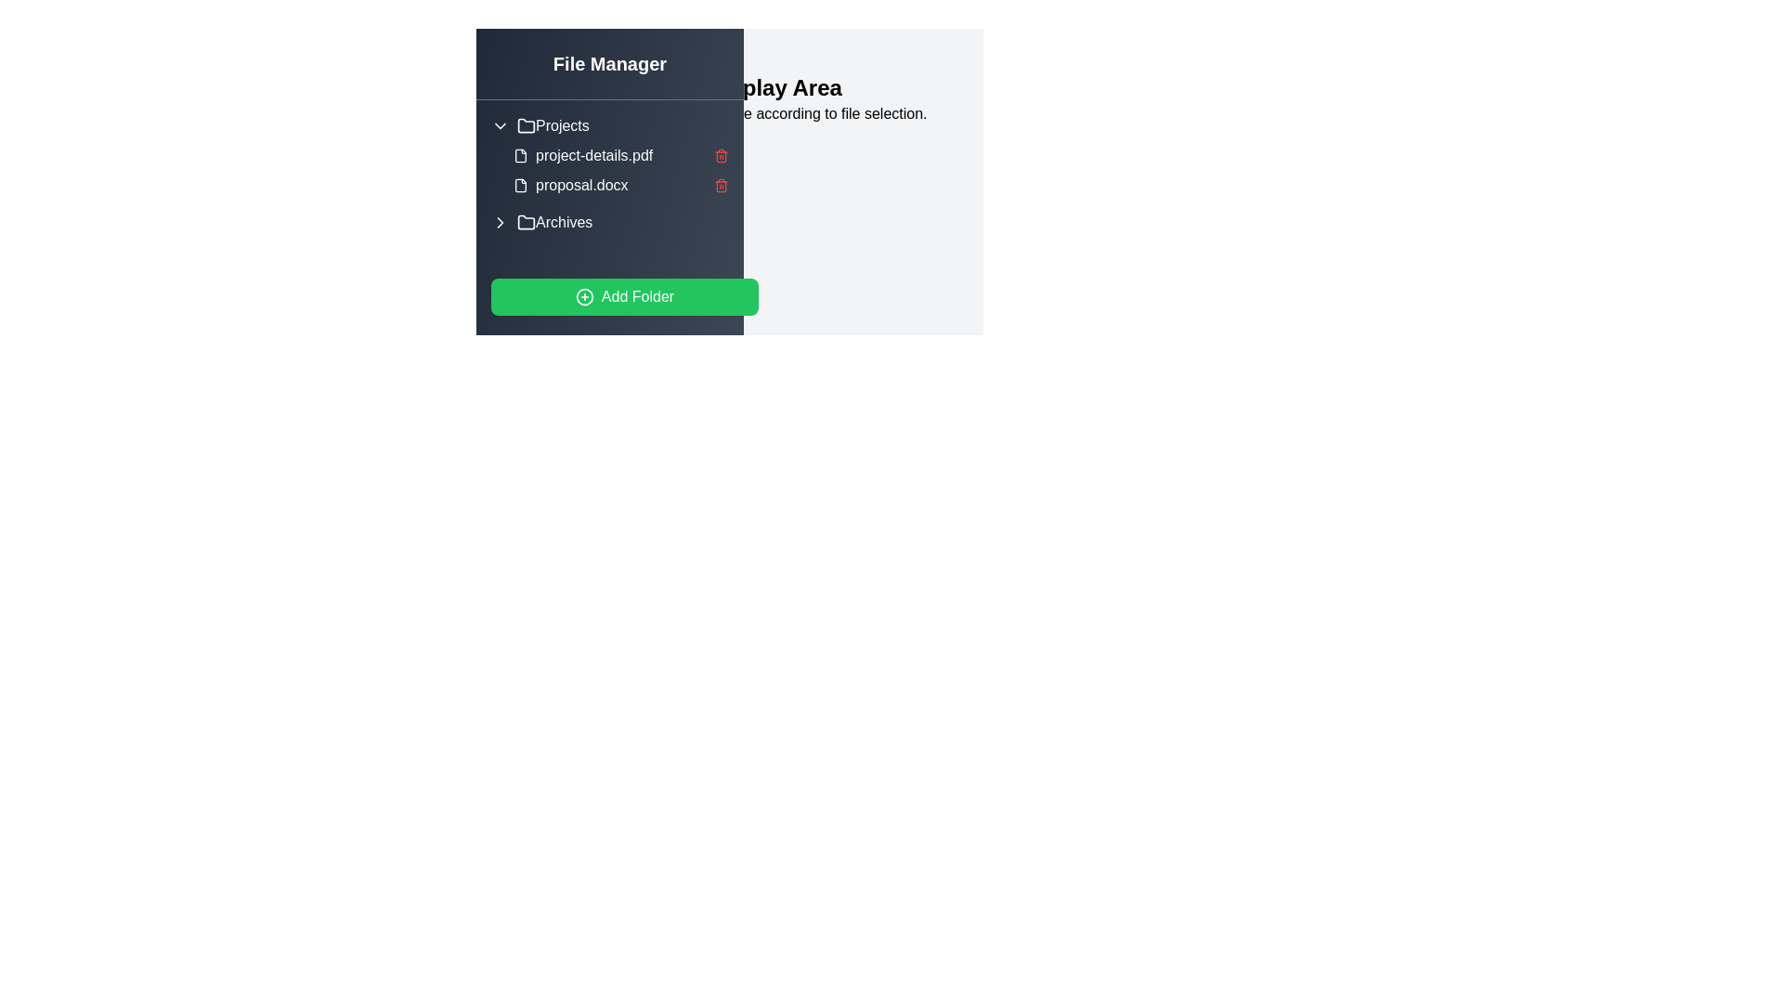 Image resolution: width=1783 pixels, height=1003 pixels. Describe the element at coordinates (520, 155) in the screenshot. I see `the file icon representing 'project-details.pdf' in the file list` at that location.